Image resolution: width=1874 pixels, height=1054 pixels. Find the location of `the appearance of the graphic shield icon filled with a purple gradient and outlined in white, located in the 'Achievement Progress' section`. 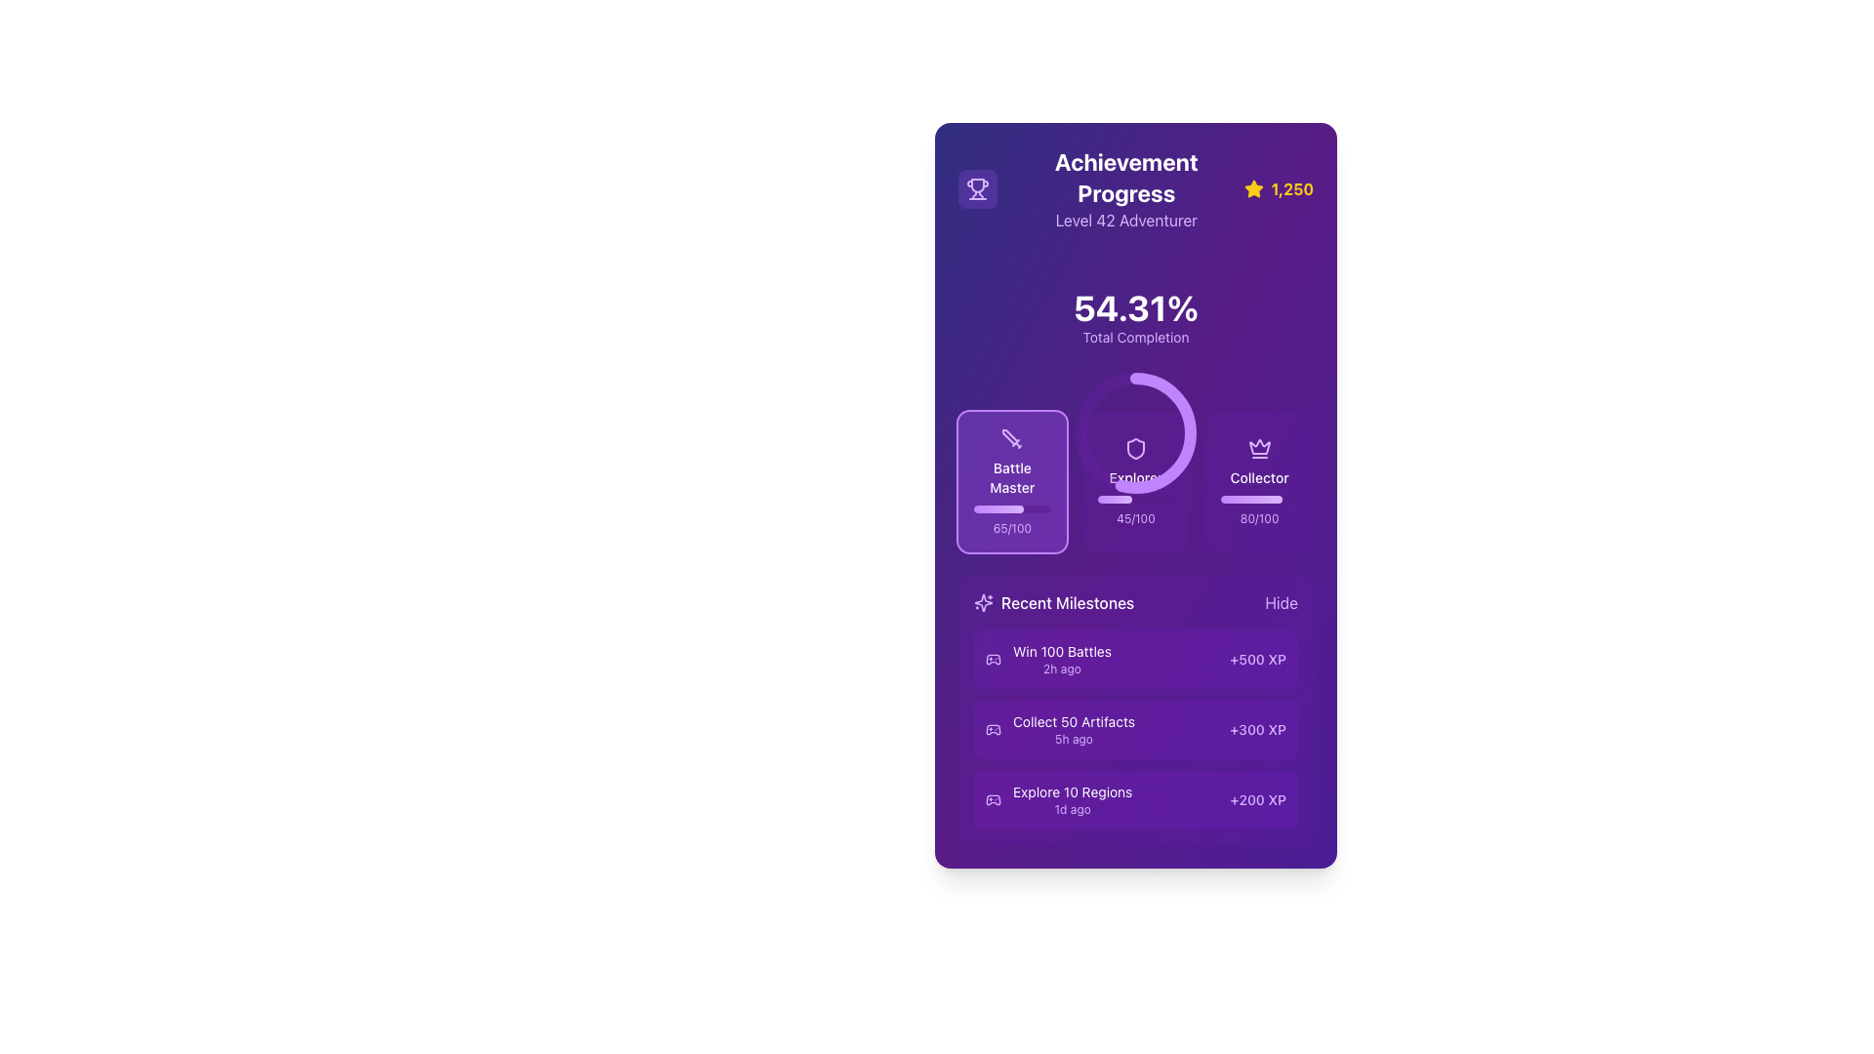

the appearance of the graphic shield icon filled with a purple gradient and outlined in white, located in the 'Achievement Progress' section is located at coordinates (1135, 448).